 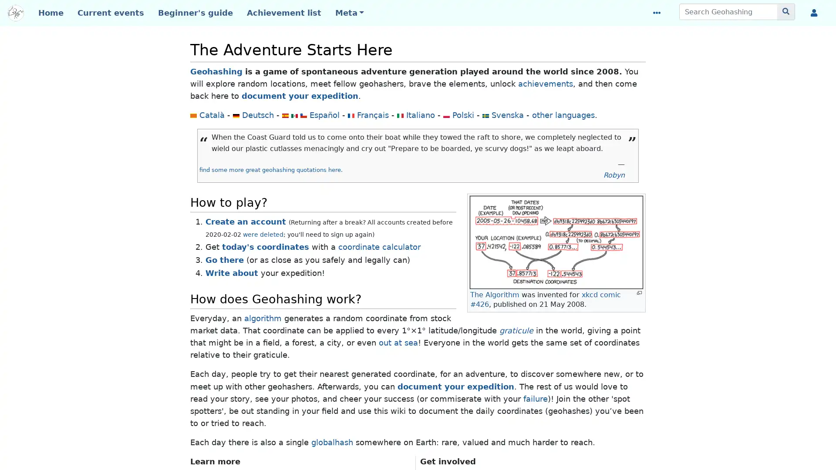 What do you see at coordinates (786, 12) in the screenshot?
I see `Go to page` at bounding box center [786, 12].